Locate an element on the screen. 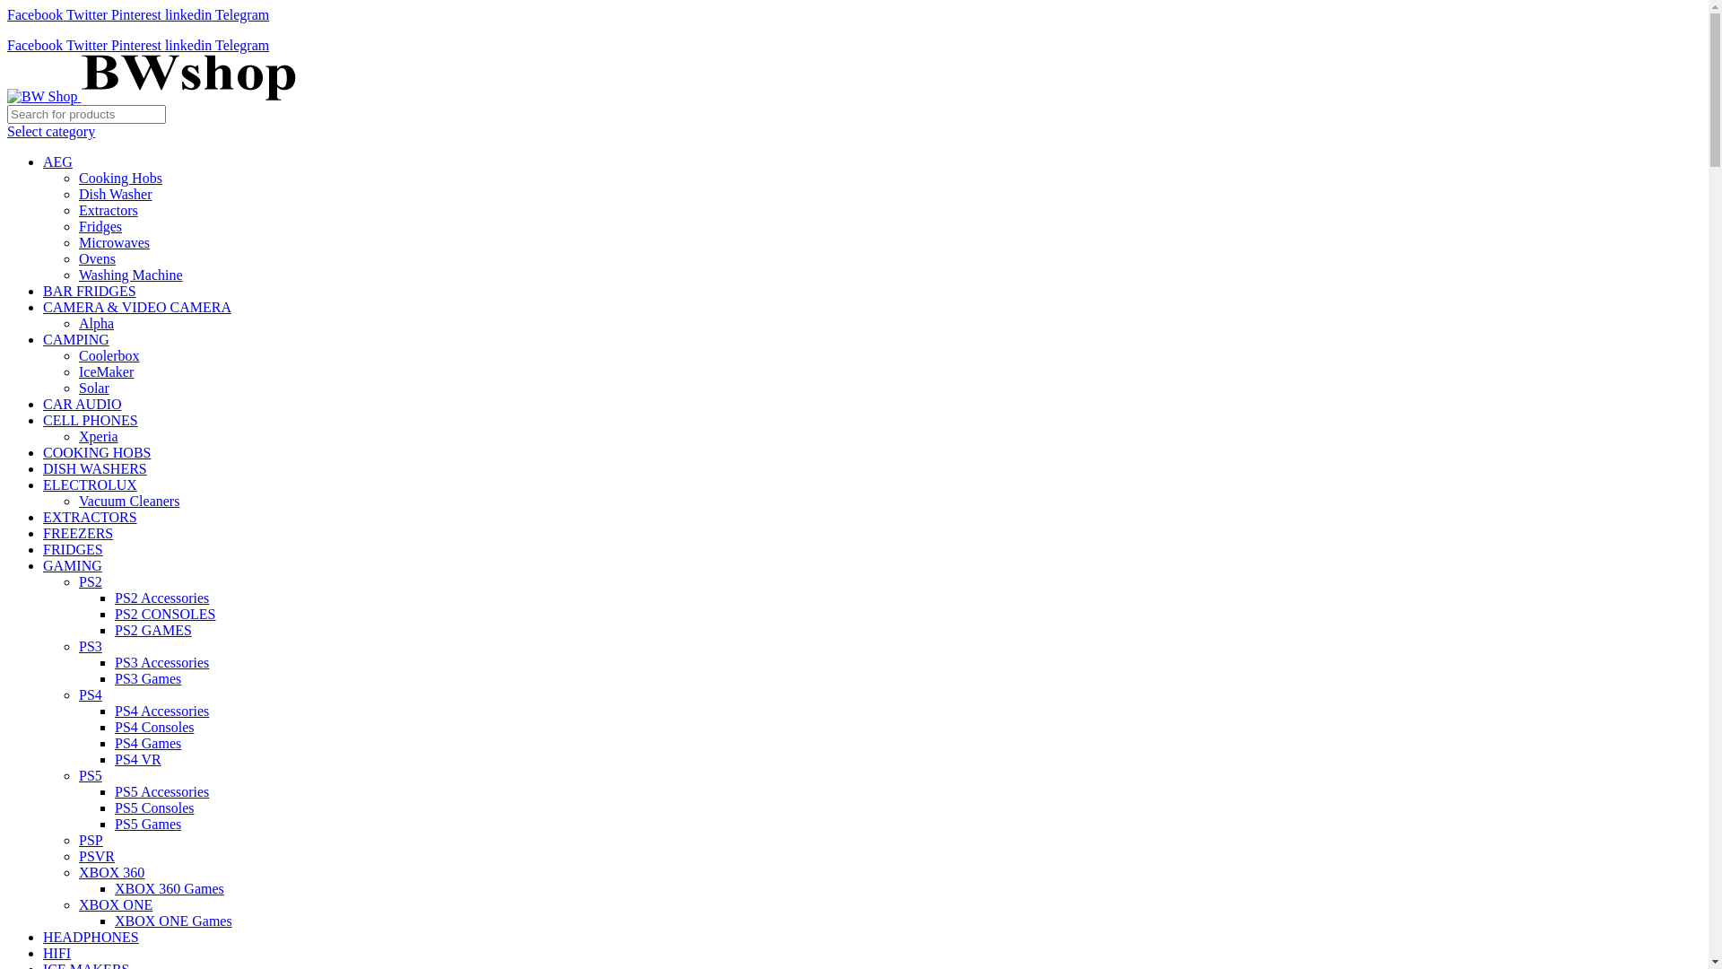  'DISH WASHERS' is located at coordinates (43, 467).